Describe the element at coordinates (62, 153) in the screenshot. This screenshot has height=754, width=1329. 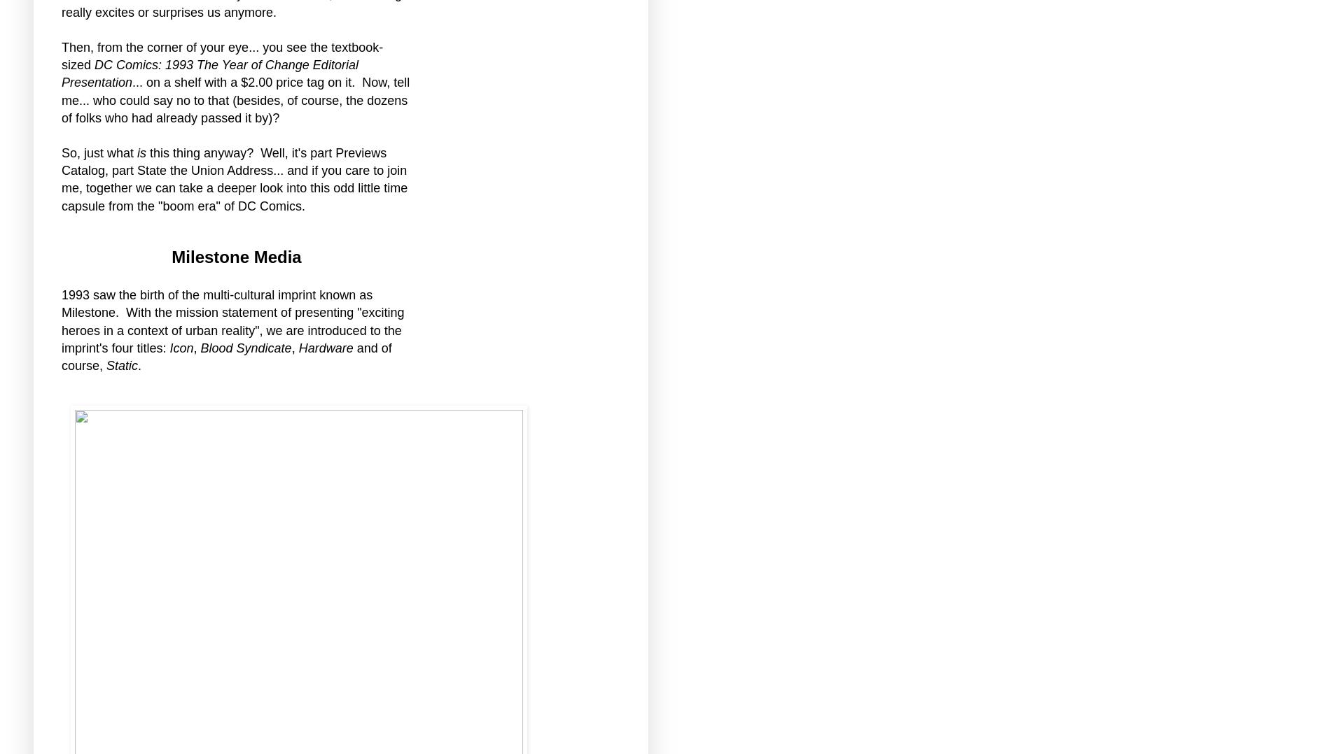
I see `'So, just what'` at that location.